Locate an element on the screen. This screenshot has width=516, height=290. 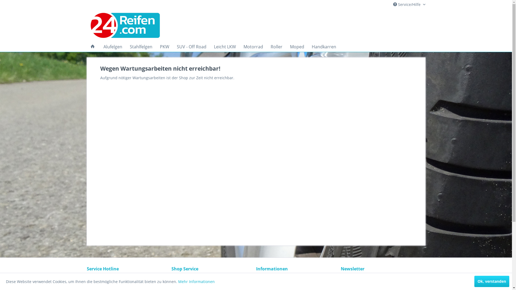
'Moped' is located at coordinates (296, 46).